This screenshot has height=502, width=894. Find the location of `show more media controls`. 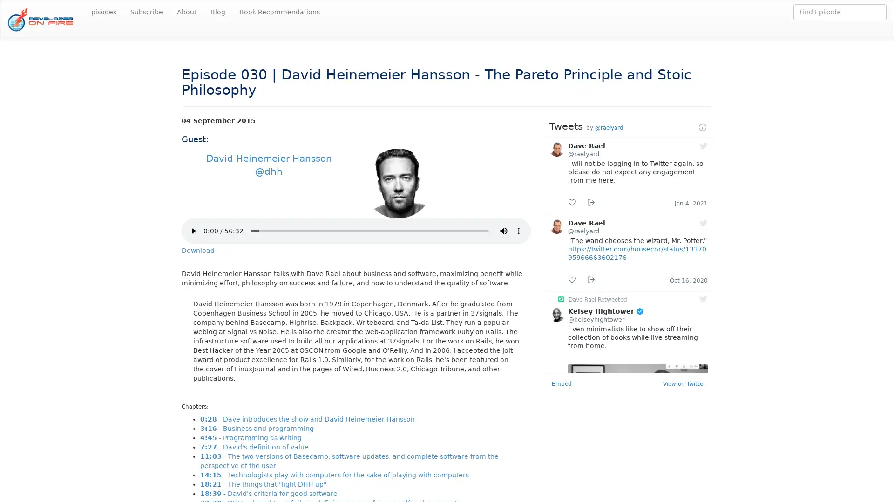

show more media controls is located at coordinates (518, 230).